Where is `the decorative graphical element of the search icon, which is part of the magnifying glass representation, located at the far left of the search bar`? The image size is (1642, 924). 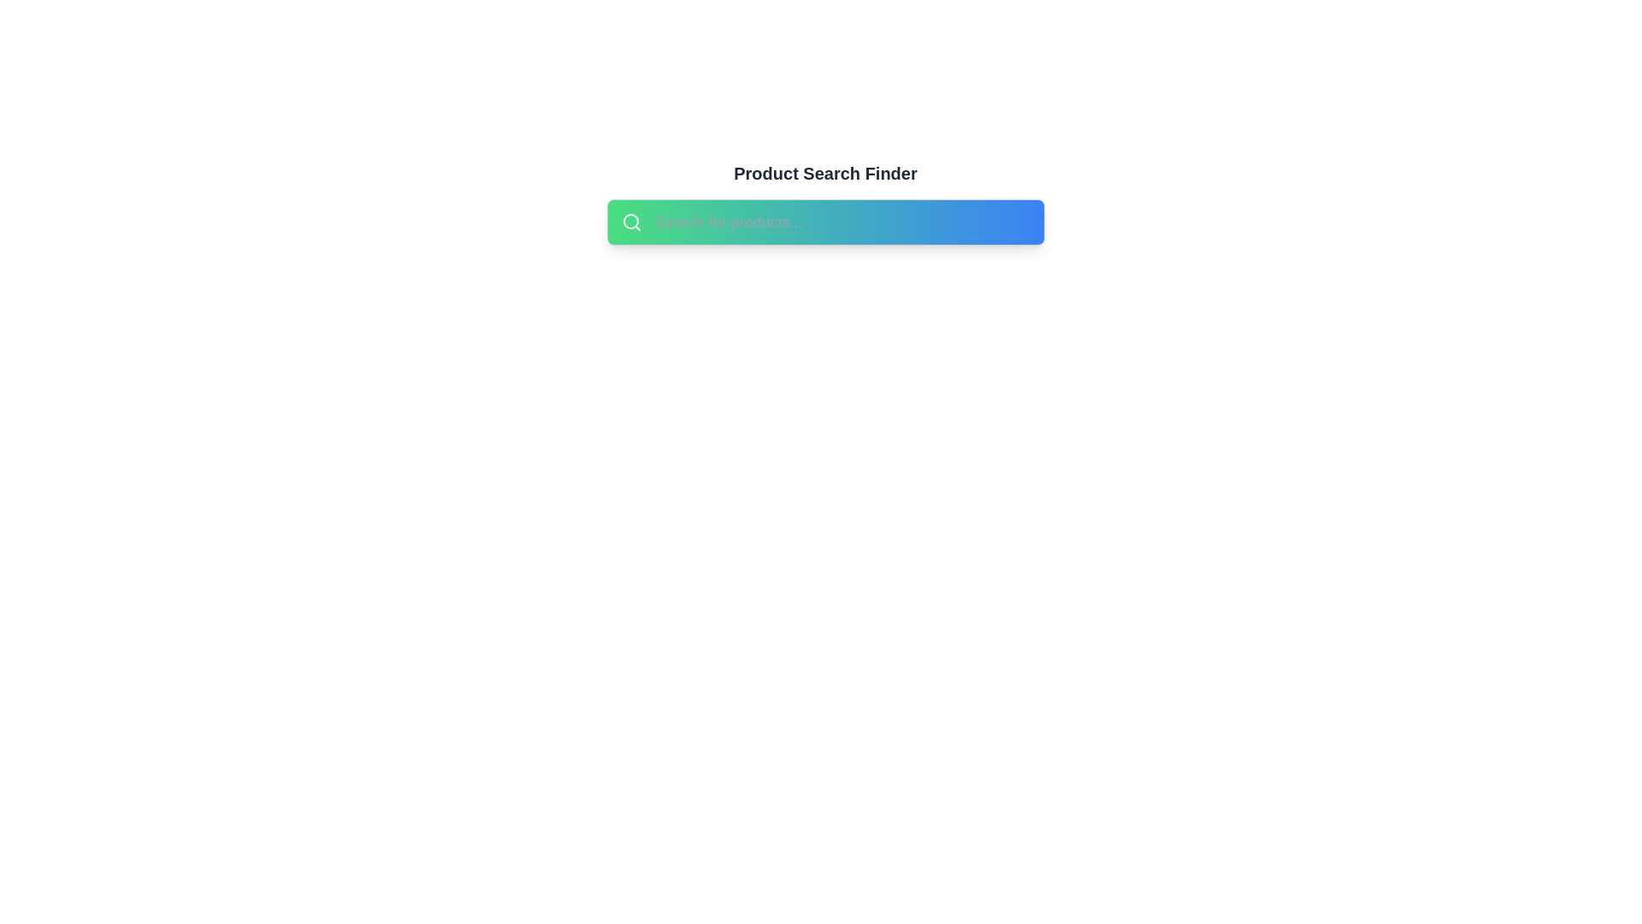
the decorative graphical element of the search icon, which is part of the magnifying glass representation, located at the far left of the search bar is located at coordinates (629, 220).